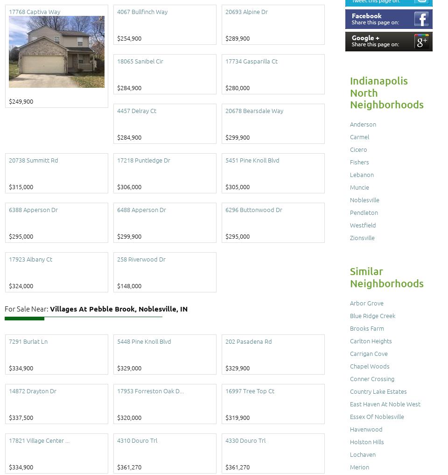  What do you see at coordinates (369, 353) in the screenshot?
I see `'Carrigan Cove'` at bounding box center [369, 353].